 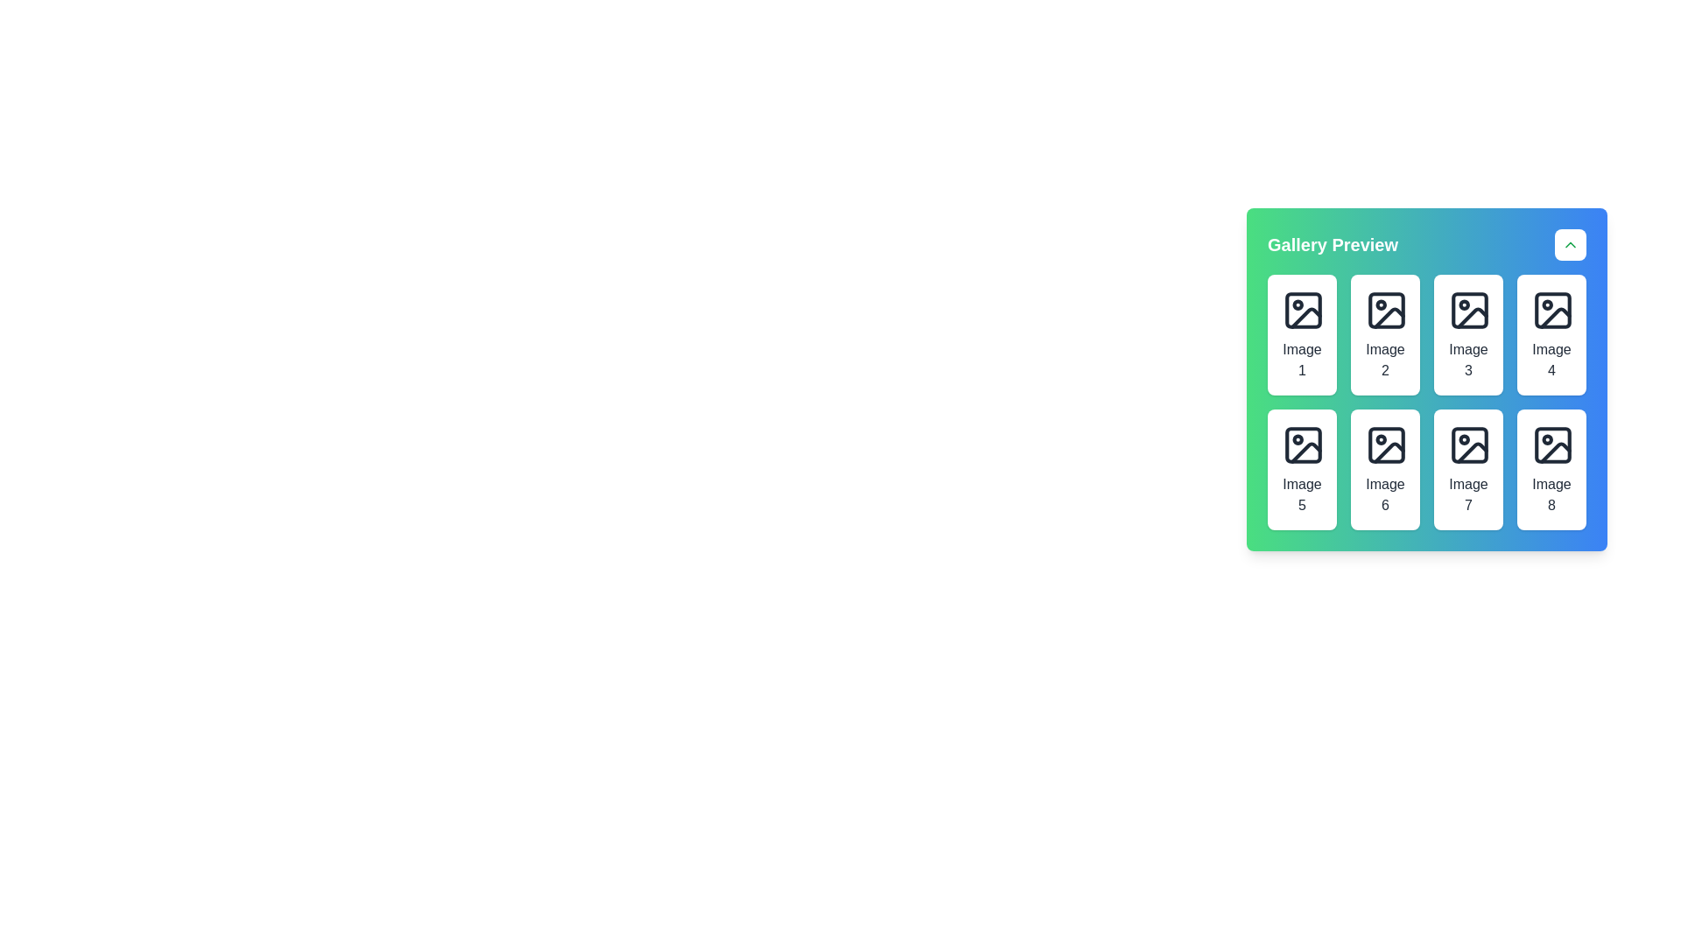 I want to click on the text label positioned in the bottom center of the first card in the second row of a 2x4 grid layout, which identifies the associated image or content, so click(x=1302, y=495).